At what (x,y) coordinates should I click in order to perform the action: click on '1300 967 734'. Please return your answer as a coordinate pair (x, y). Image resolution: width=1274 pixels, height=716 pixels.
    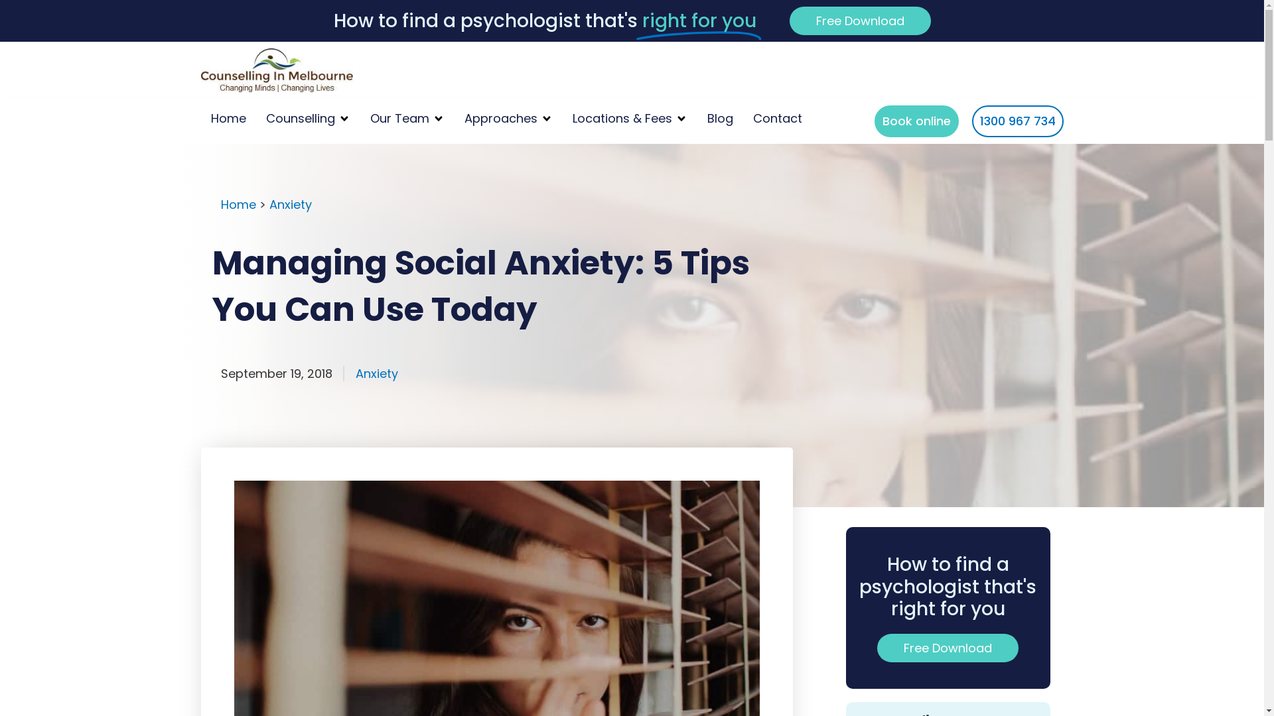
    Looking at the image, I should click on (1016, 121).